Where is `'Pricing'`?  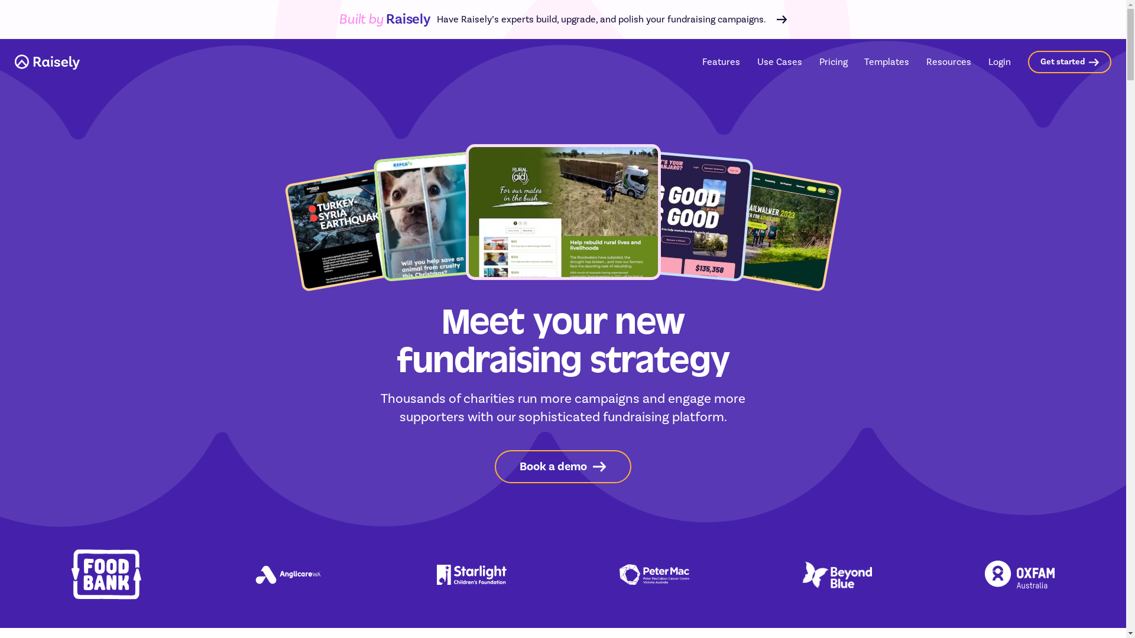
'Pricing' is located at coordinates (833, 61).